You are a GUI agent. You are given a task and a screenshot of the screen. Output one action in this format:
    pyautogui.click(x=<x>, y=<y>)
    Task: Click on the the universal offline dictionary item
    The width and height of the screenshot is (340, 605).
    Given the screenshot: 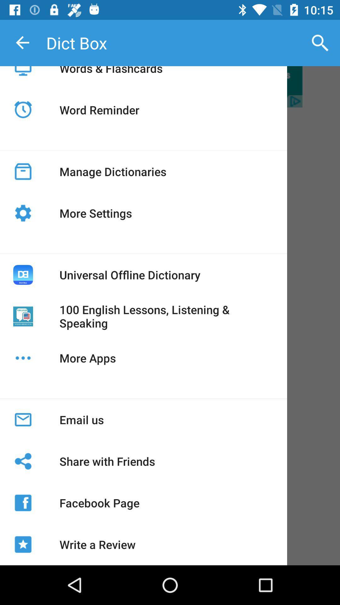 What is the action you would take?
    pyautogui.click(x=129, y=275)
    